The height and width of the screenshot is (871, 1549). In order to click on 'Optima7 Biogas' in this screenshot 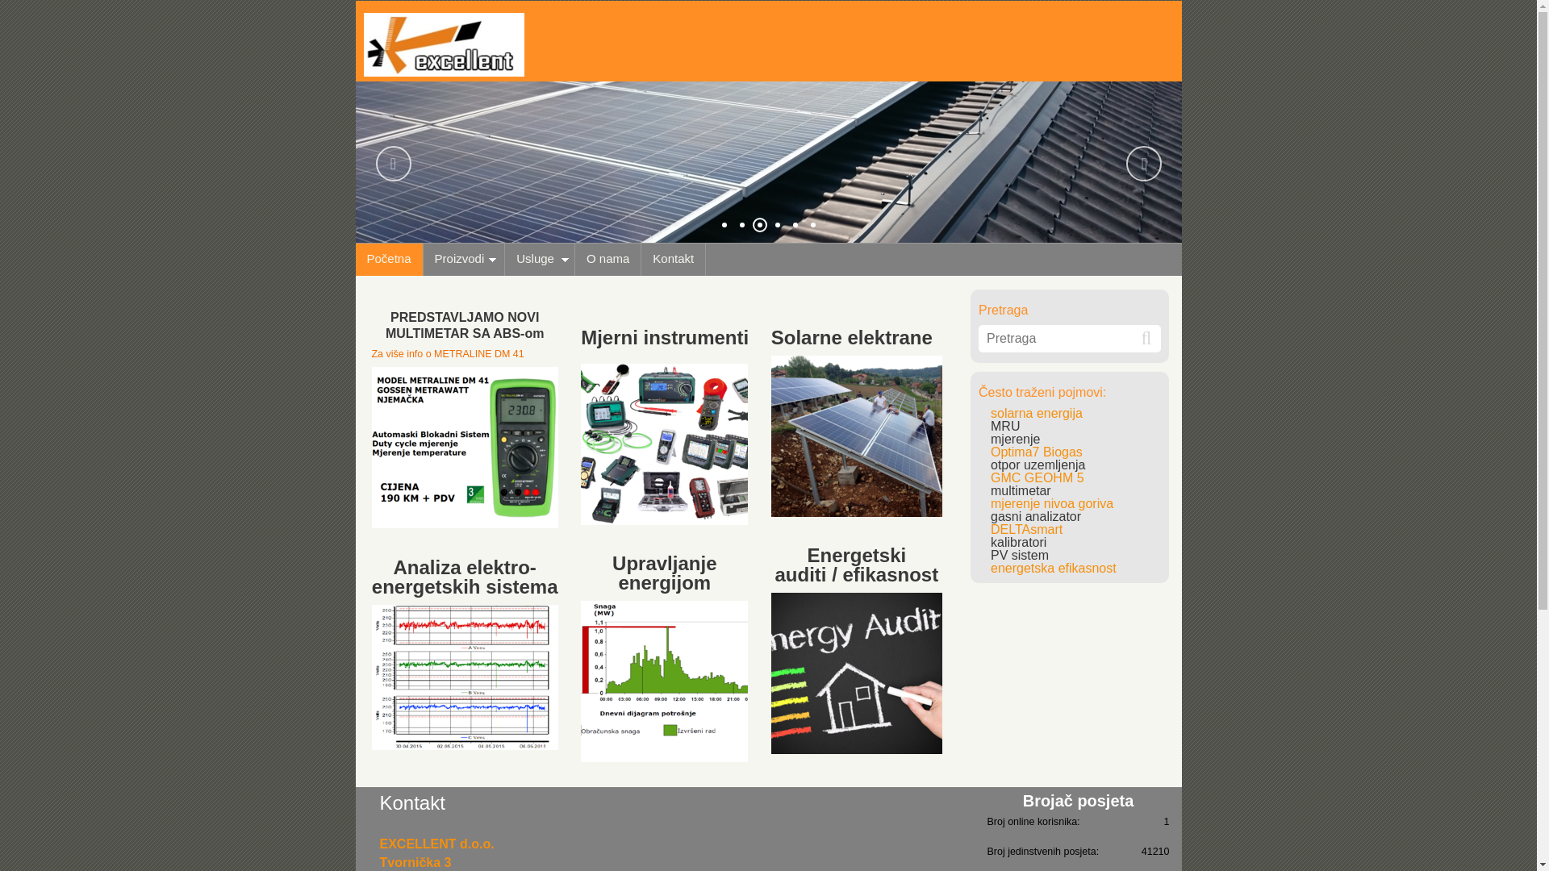, I will do `click(1037, 452)`.